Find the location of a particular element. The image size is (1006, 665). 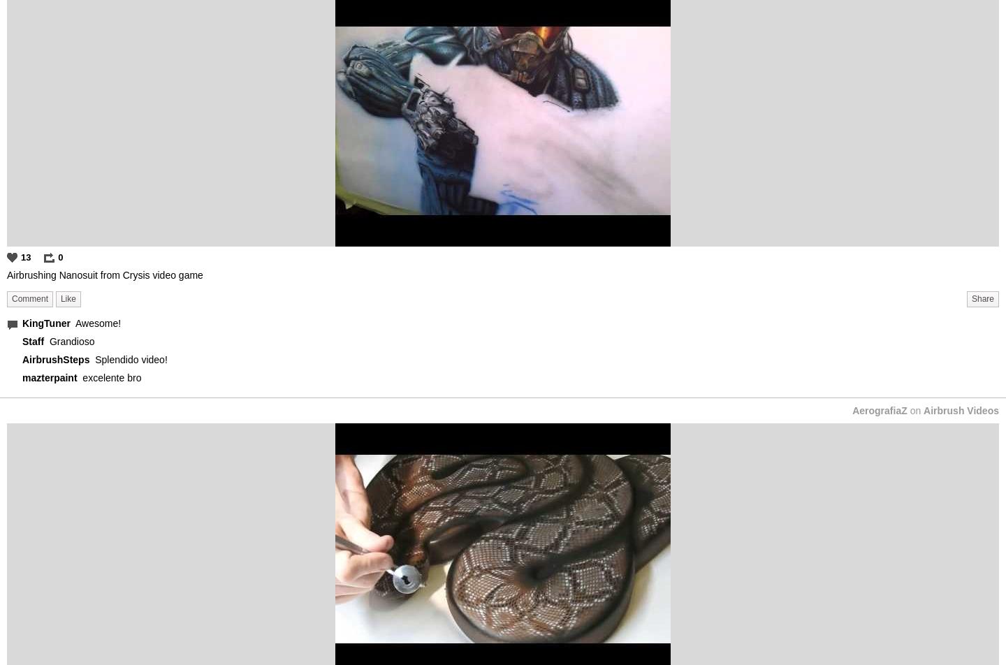

'excelente bro' is located at coordinates (110, 377).